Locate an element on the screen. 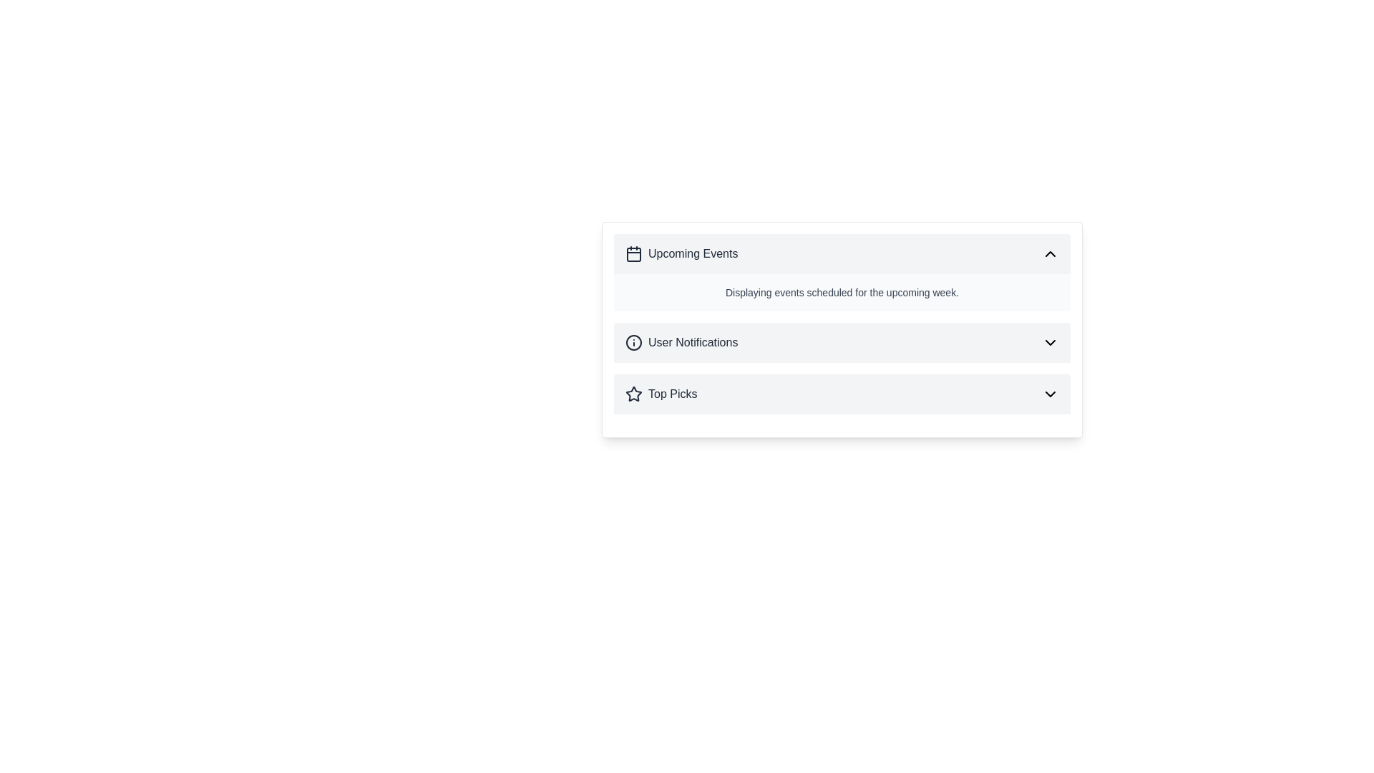  text of the 'Top Picks' label located in the header section below 'User Notifications' and above the expandable content area is located at coordinates (661, 394).